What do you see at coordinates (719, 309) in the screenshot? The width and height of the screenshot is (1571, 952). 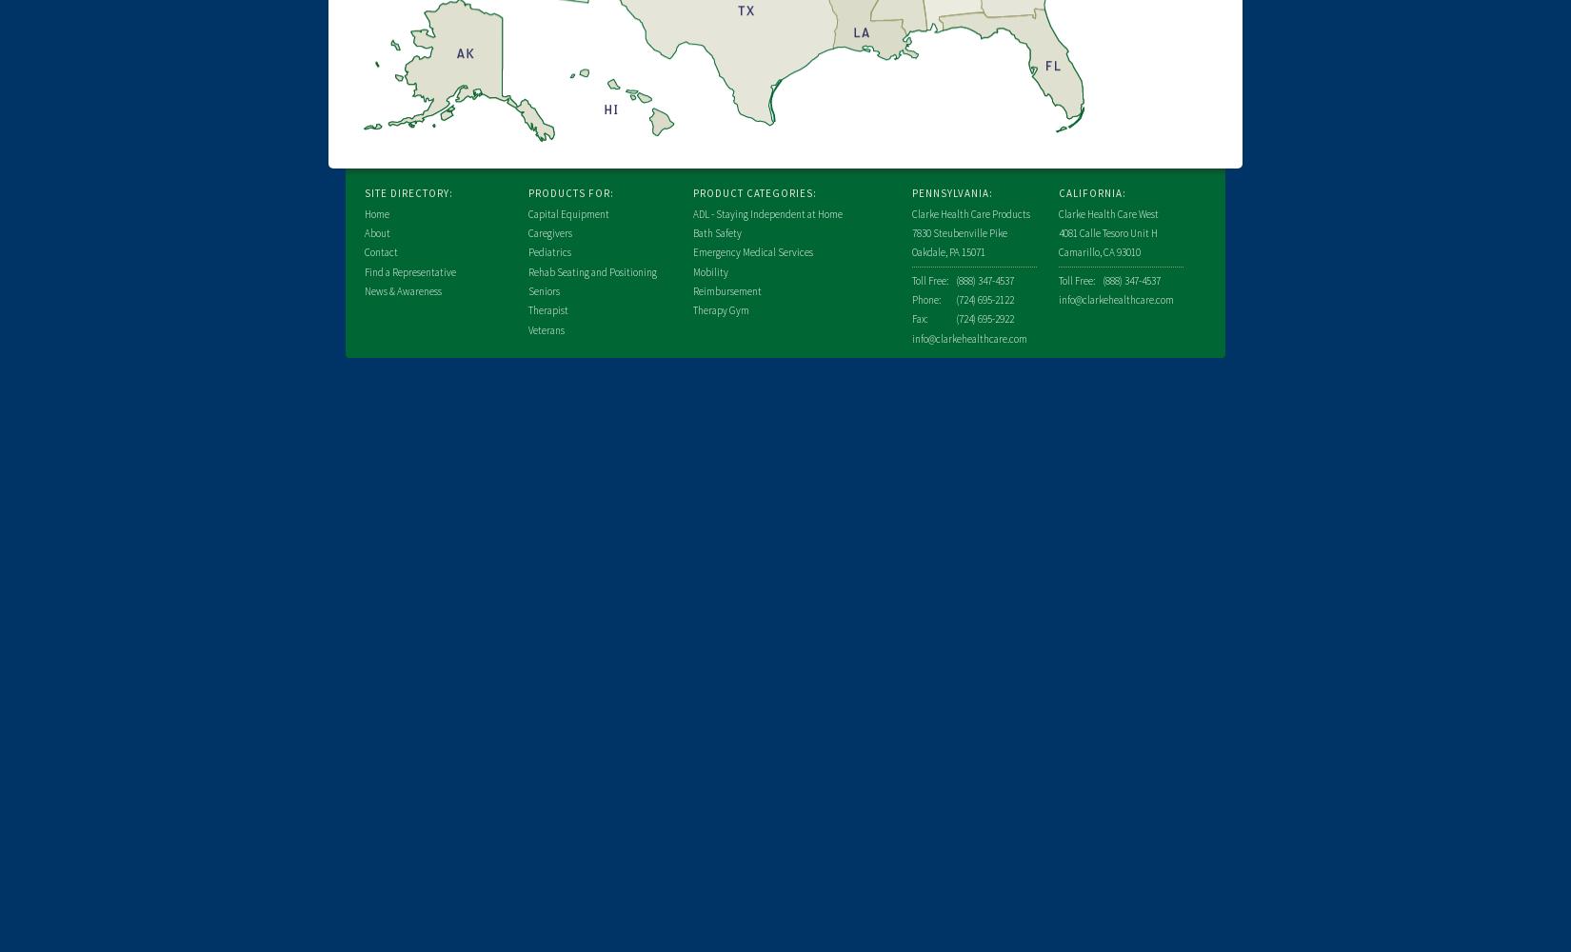 I see `'Therapy Gym'` at bounding box center [719, 309].